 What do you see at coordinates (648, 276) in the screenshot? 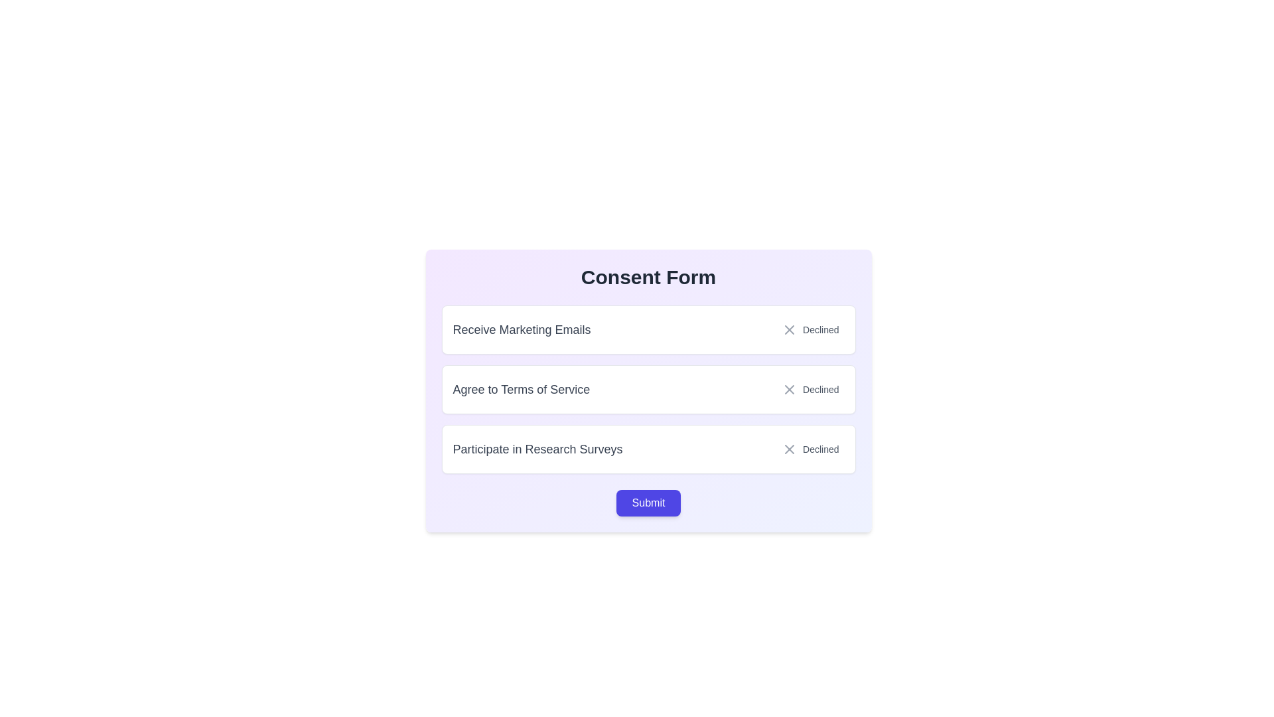
I see `displayed text of the Heading or Title Text element, which serves as the title for the consent form and is located at the top of the panel with a gradient background` at bounding box center [648, 276].